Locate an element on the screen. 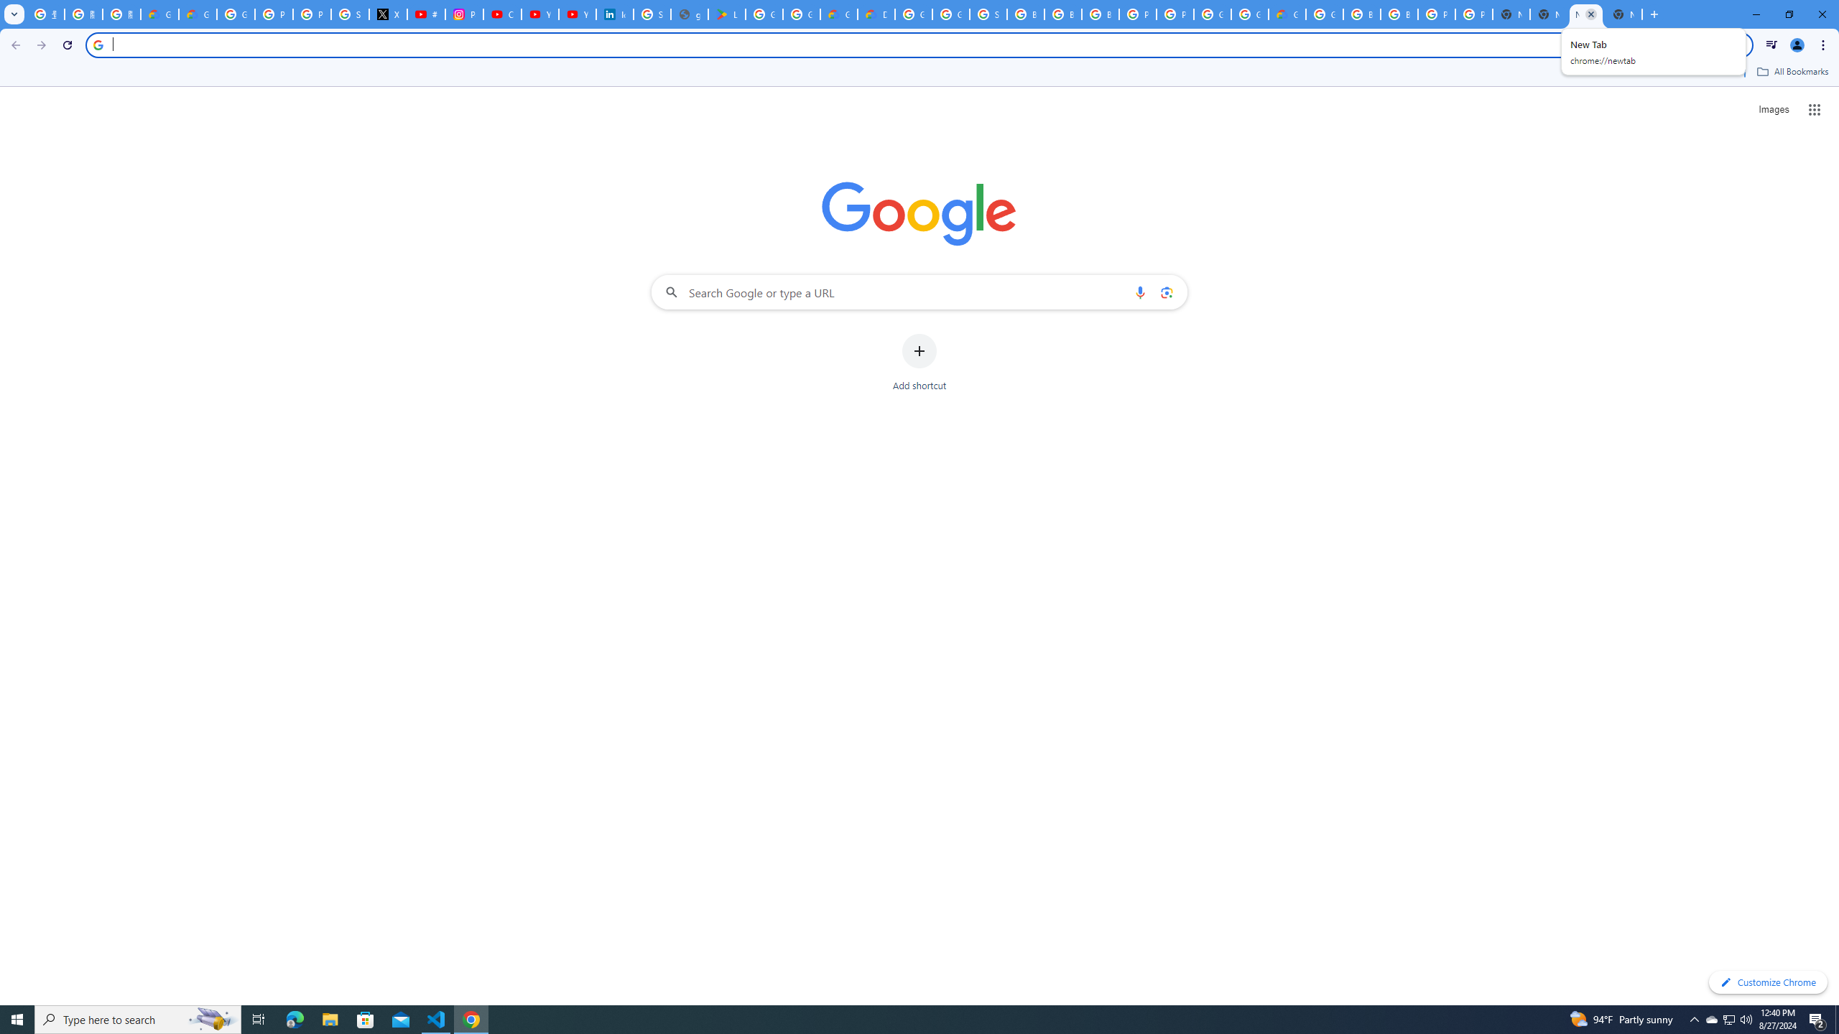 Image resolution: width=1839 pixels, height=1034 pixels. 'Google Cloud Platform' is located at coordinates (1249, 14).